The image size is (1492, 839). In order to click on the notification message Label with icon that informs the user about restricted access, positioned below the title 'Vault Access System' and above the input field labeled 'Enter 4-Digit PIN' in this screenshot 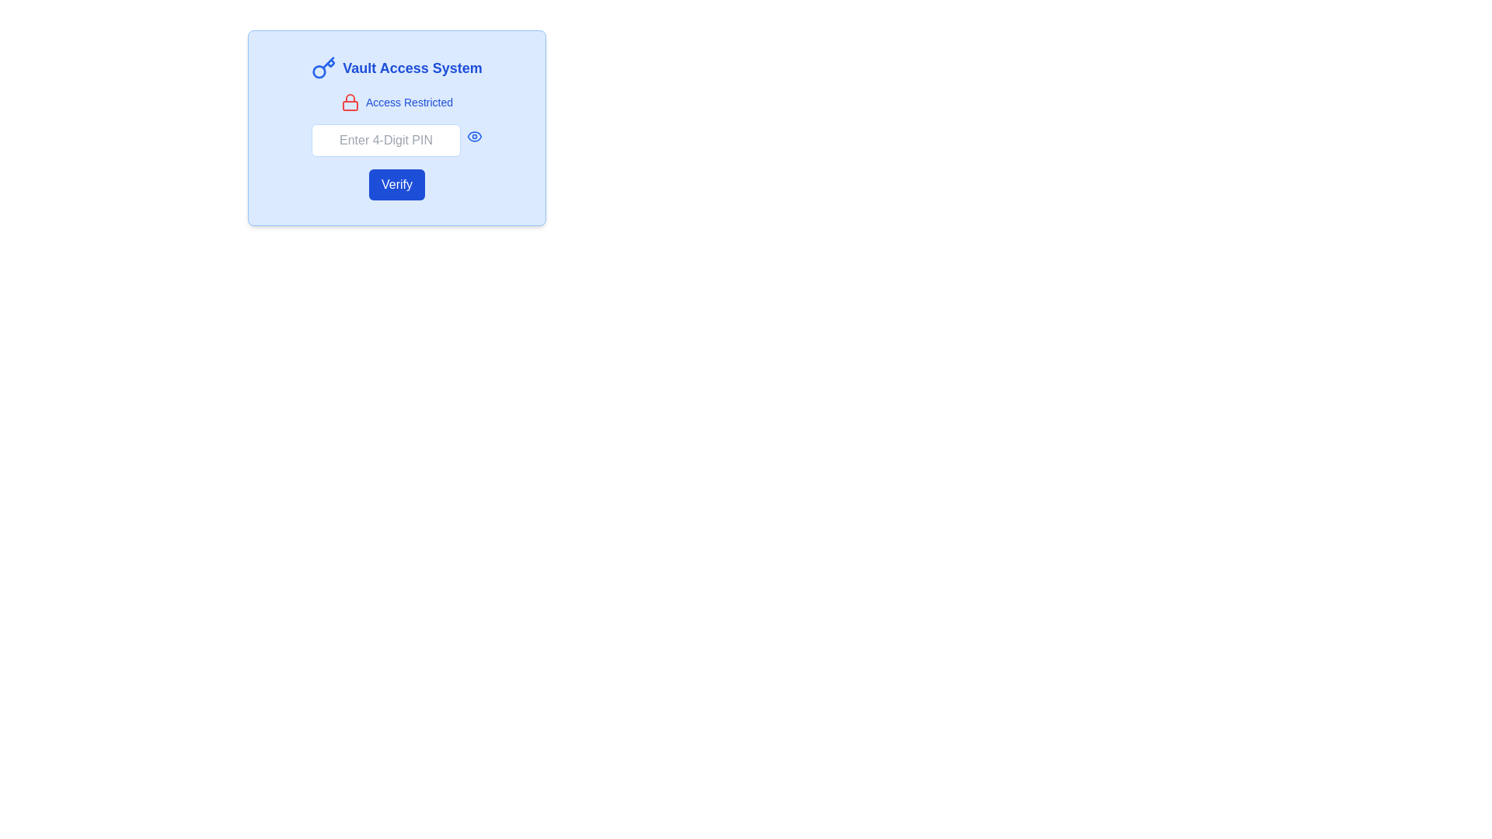, I will do `click(396, 102)`.